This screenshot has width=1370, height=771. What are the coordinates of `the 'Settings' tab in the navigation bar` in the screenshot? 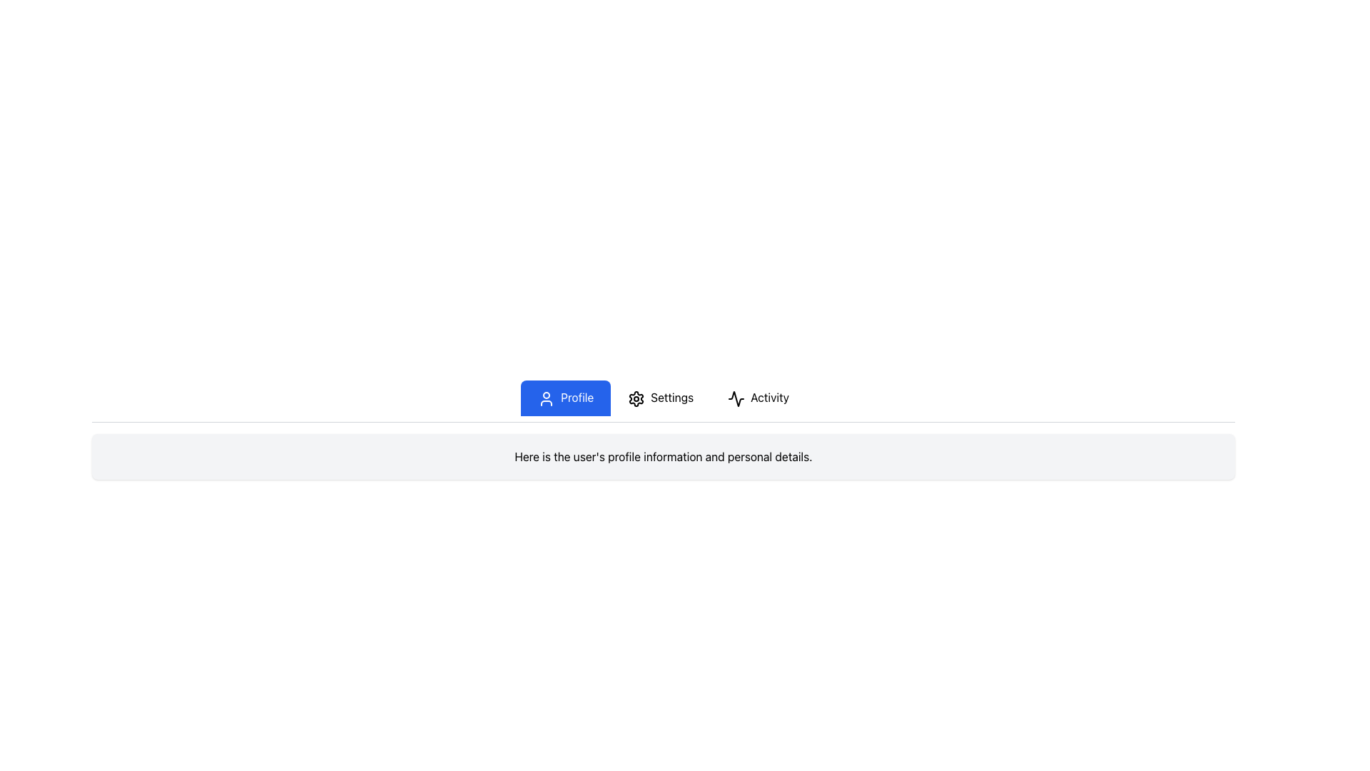 It's located at (663, 401).